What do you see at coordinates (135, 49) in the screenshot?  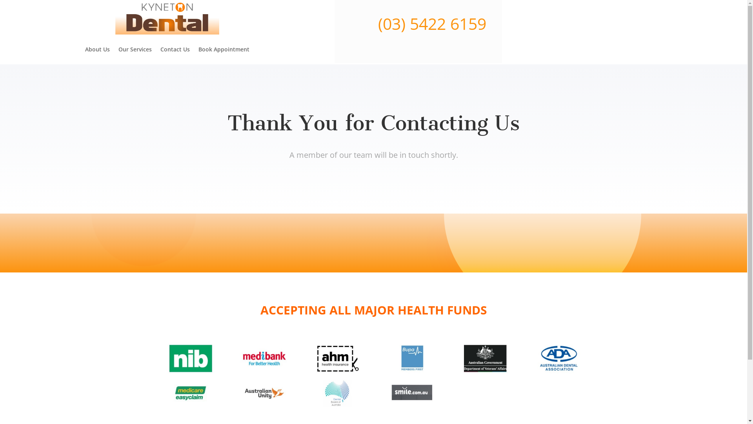 I see `'Our Services'` at bounding box center [135, 49].